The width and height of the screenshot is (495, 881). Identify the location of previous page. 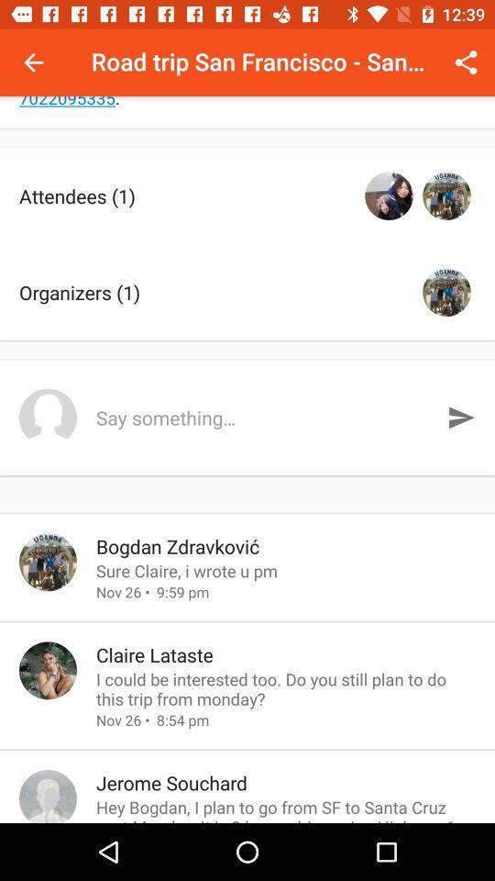
(33, 62).